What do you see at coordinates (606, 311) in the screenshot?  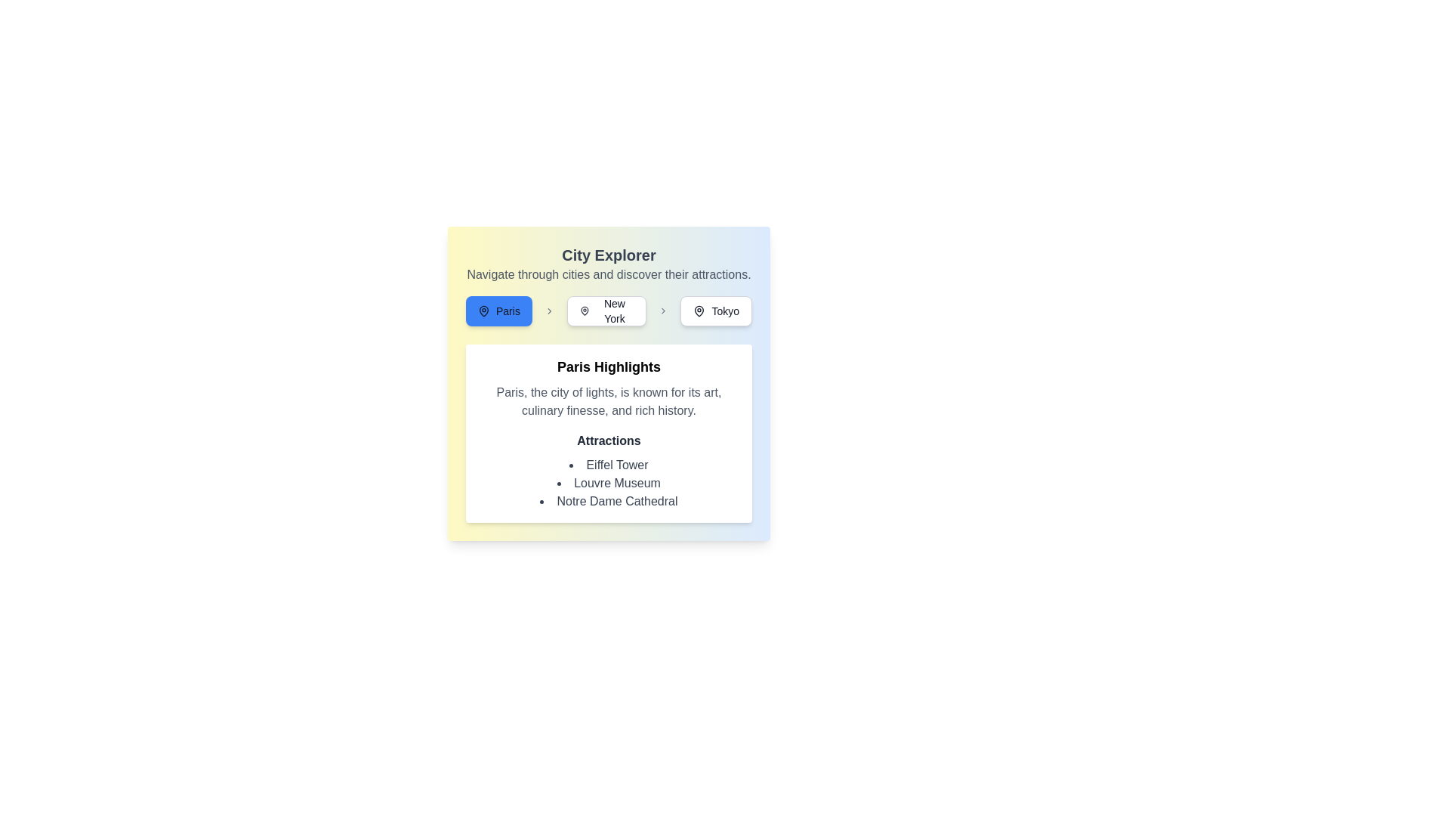 I see `the 'New York' button with a pin icon` at bounding box center [606, 311].